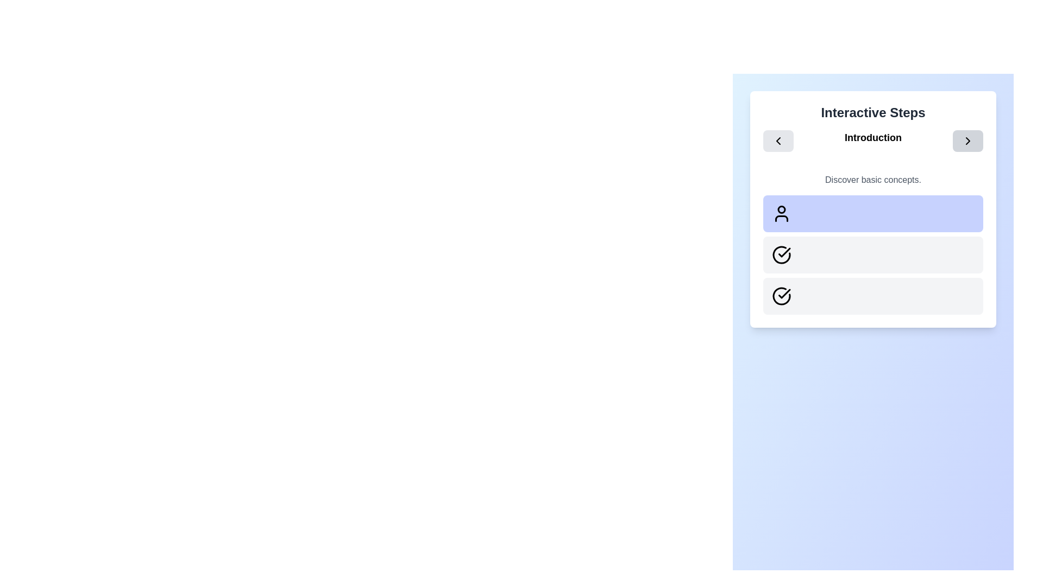 Image resolution: width=1043 pixels, height=586 pixels. Describe the element at coordinates (873, 255) in the screenshot. I see `the second Step indicator panel in the vertical sequence` at that location.